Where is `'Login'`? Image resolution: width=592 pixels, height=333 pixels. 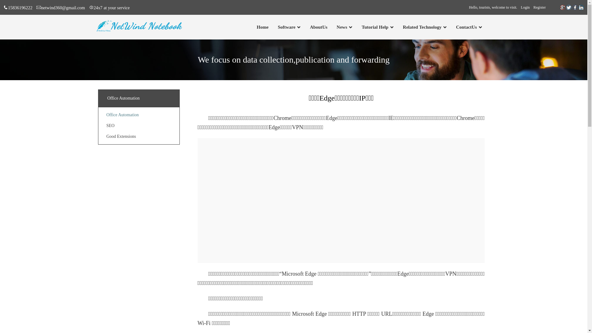
'Login' is located at coordinates (525, 7).